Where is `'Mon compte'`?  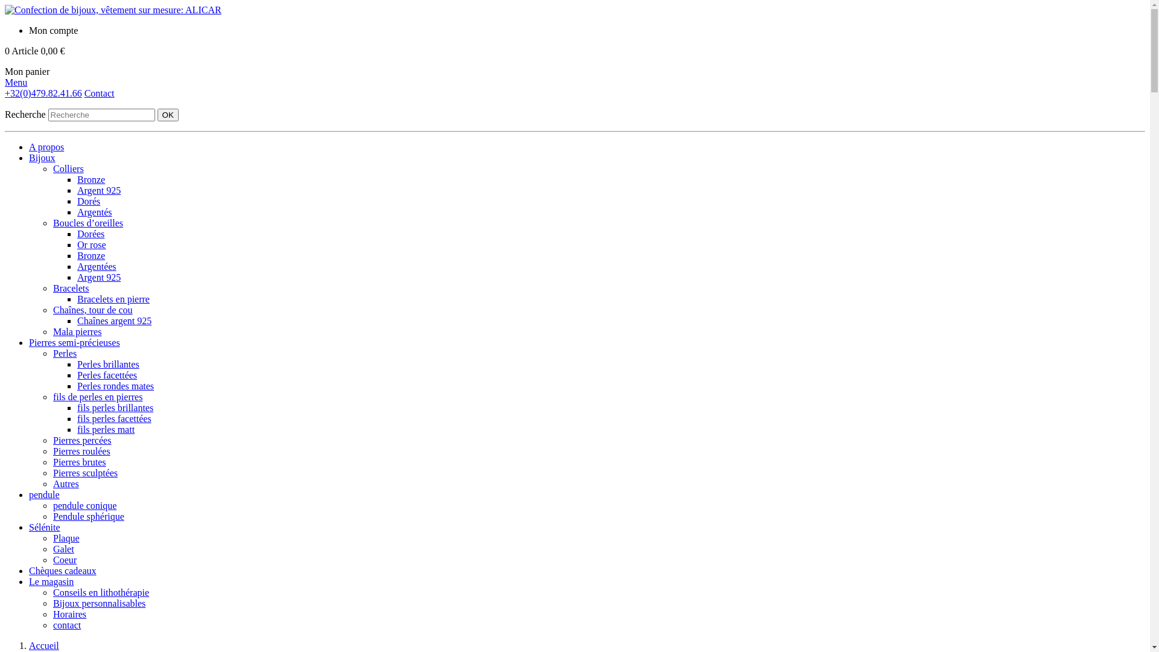
'Mon compte' is located at coordinates (29, 30).